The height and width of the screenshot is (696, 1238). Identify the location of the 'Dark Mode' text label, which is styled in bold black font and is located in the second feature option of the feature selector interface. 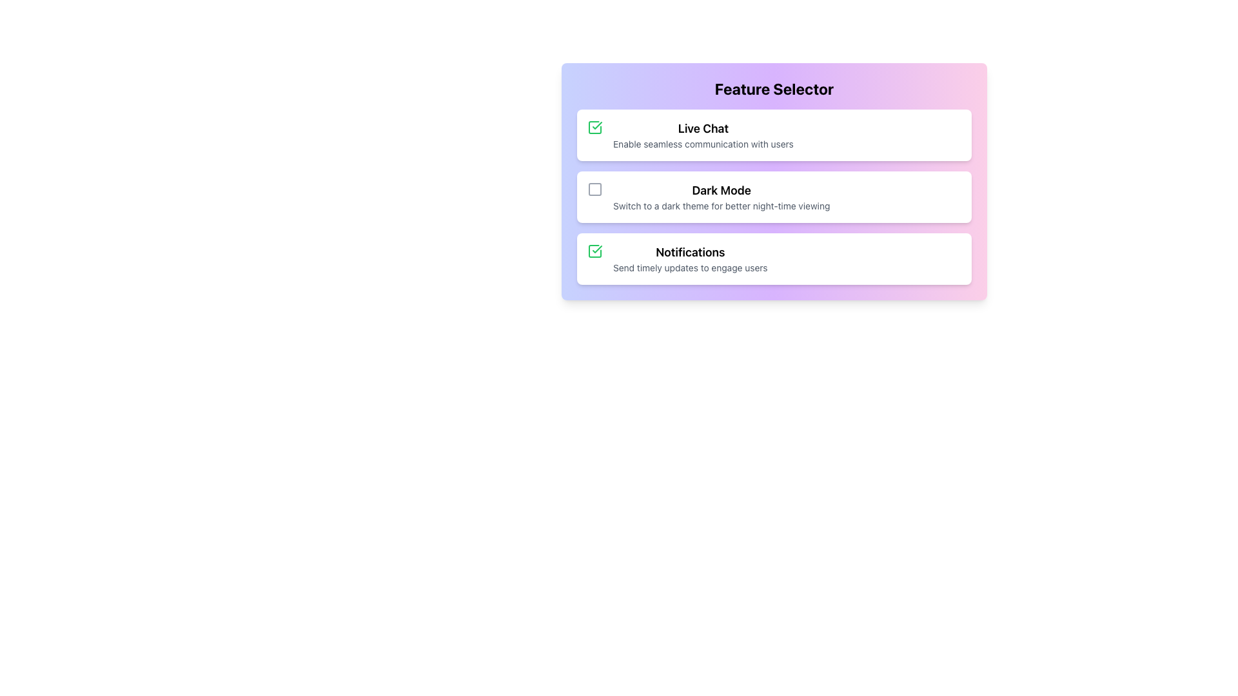
(721, 191).